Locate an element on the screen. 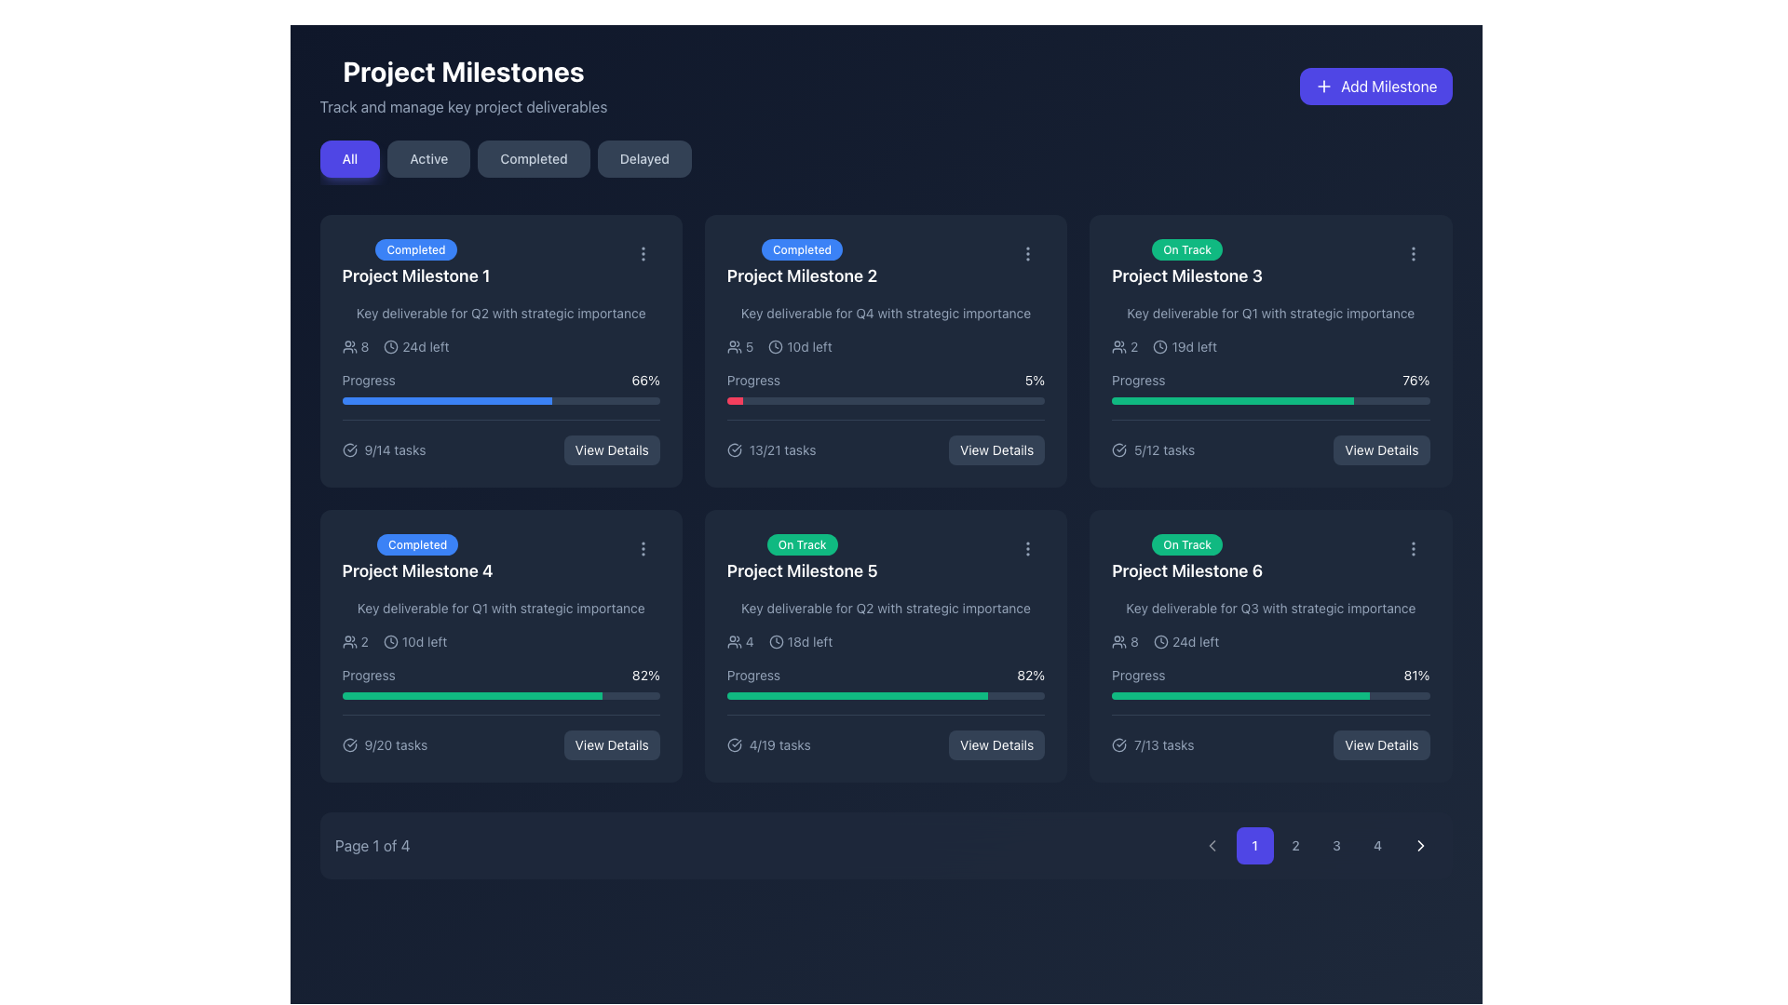 The image size is (1788, 1005). the 'View Details' button, which has a dark slate-gray background and rounded corners is located at coordinates (612, 744).